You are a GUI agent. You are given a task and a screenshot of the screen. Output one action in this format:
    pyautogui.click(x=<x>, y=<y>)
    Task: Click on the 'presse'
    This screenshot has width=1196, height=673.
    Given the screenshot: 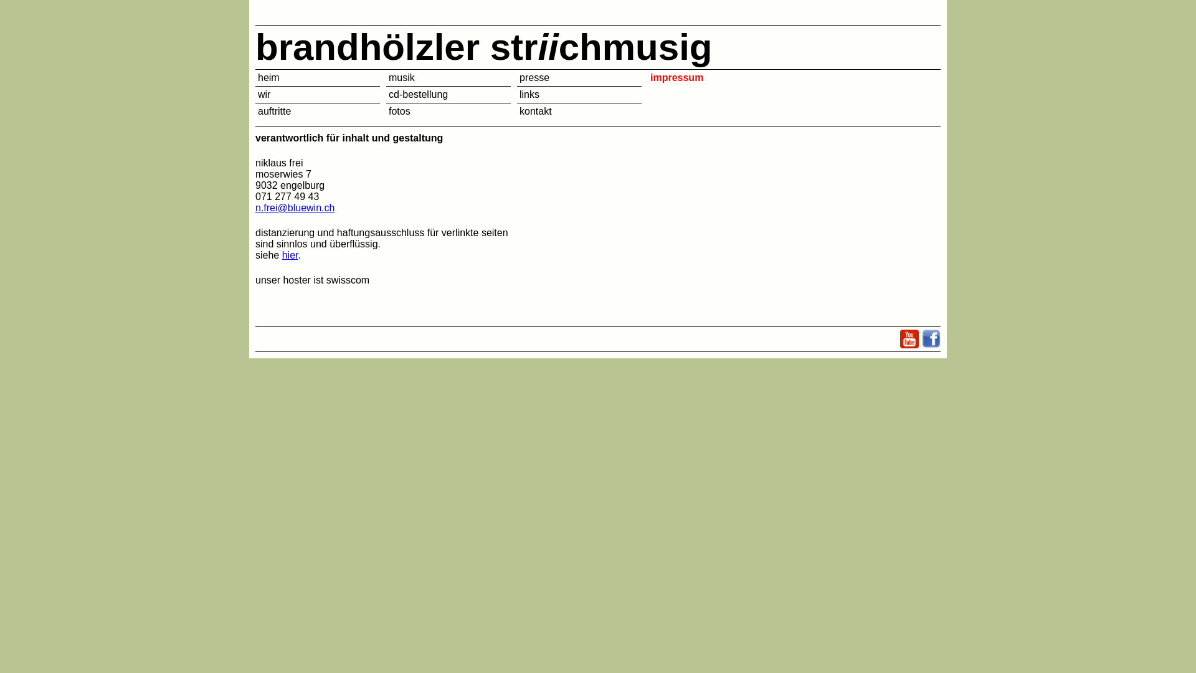 What is the action you would take?
    pyautogui.click(x=520, y=77)
    